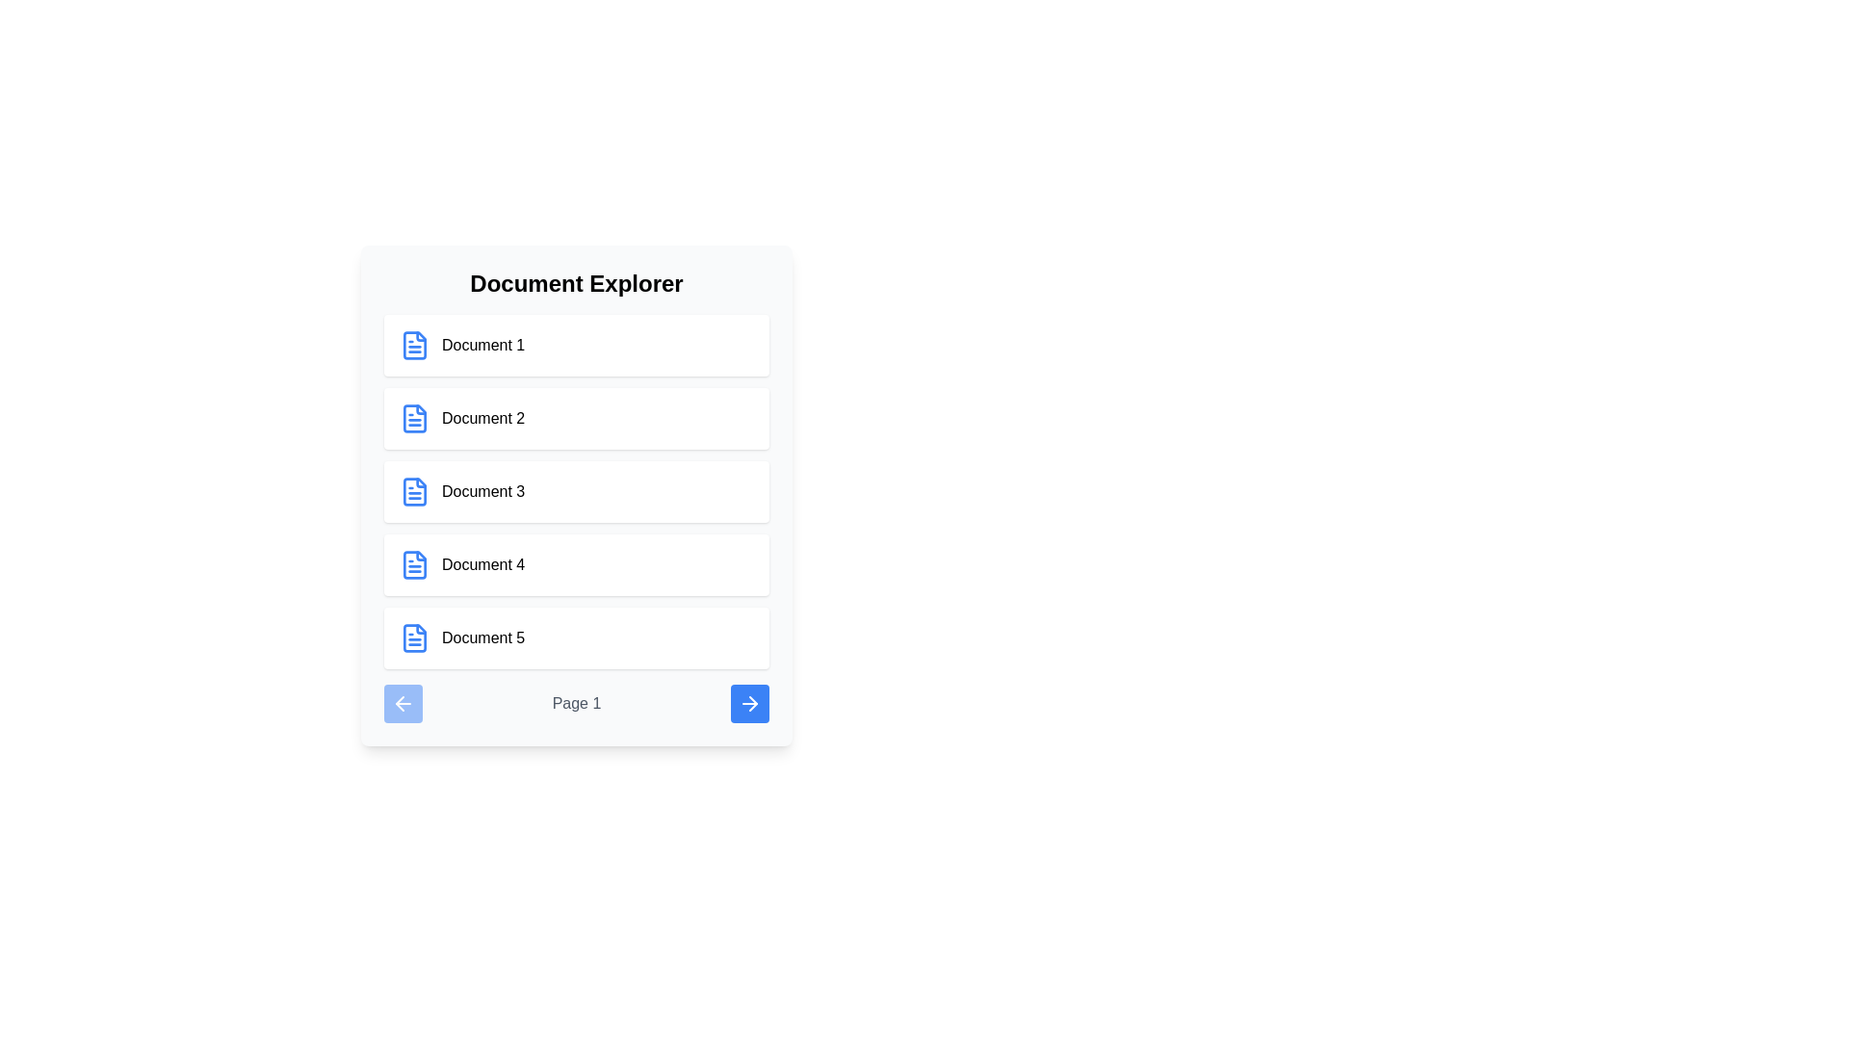  Describe the element at coordinates (414, 344) in the screenshot. I see `the icon for the first document item in the 'Document Explorer' list, which is visually positioned to the left of the text 'Document 1'` at that location.